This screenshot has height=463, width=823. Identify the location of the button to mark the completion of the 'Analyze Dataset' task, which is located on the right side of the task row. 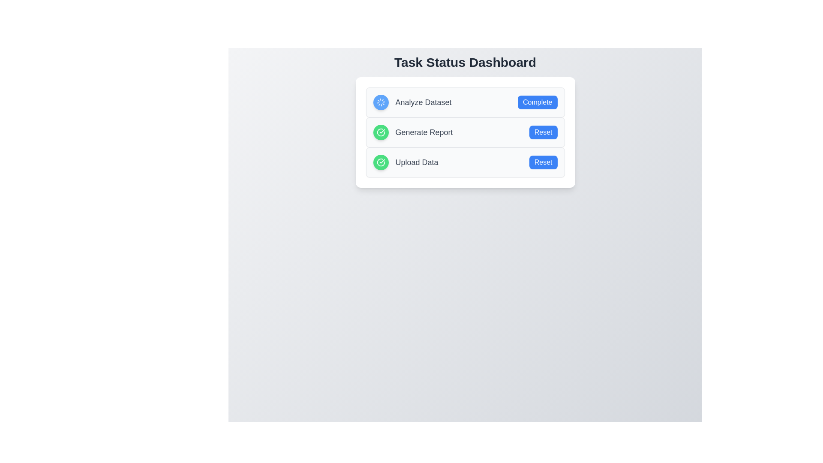
(537, 102).